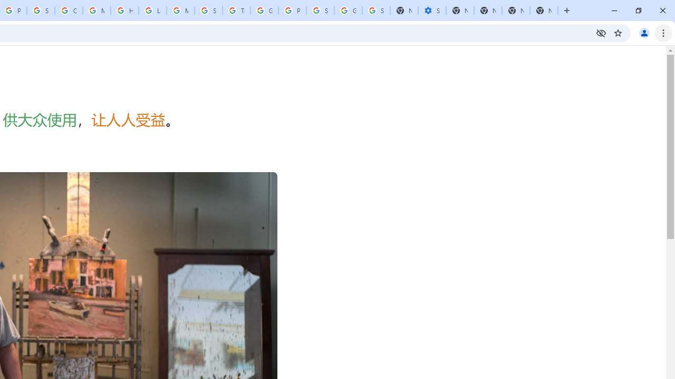 This screenshot has height=379, width=675. I want to click on 'Google Ads - Sign in', so click(264, 11).